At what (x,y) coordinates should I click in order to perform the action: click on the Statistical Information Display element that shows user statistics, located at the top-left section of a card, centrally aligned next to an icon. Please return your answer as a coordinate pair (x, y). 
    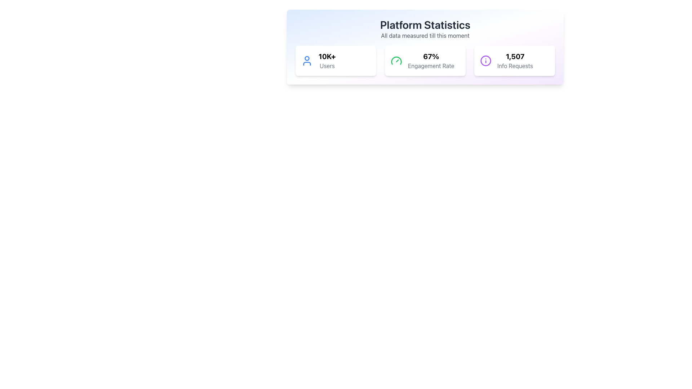
    Looking at the image, I should click on (327, 61).